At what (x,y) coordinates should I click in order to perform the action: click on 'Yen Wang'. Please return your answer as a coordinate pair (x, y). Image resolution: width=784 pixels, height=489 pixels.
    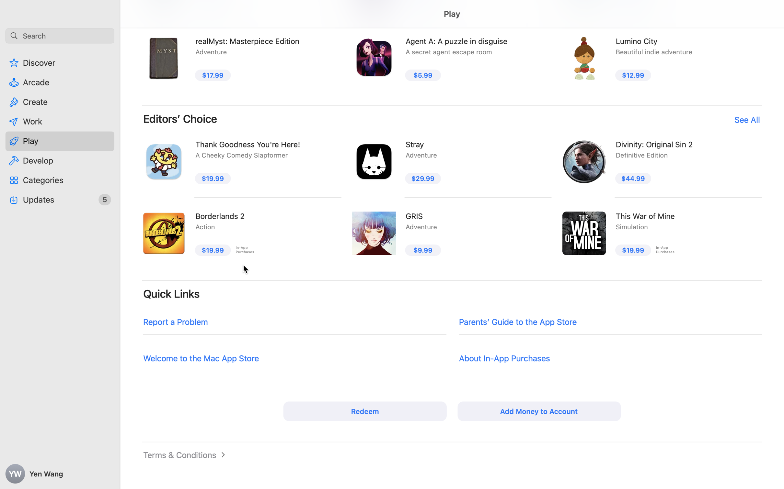
    Looking at the image, I should click on (60, 474).